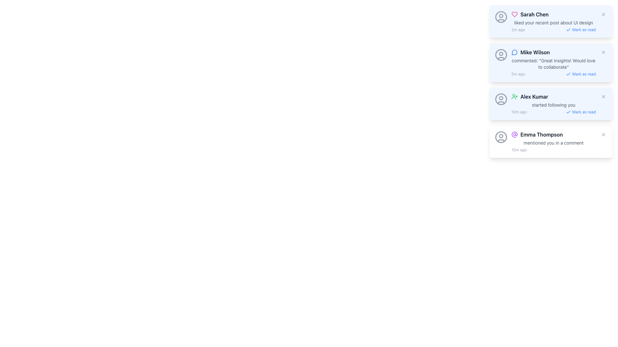 Image resolution: width=618 pixels, height=347 pixels. What do you see at coordinates (501, 54) in the screenshot?
I see `the outermost circle of the user profile icon, located to the left of the notification regarding Mike Wilson` at bounding box center [501, 54].